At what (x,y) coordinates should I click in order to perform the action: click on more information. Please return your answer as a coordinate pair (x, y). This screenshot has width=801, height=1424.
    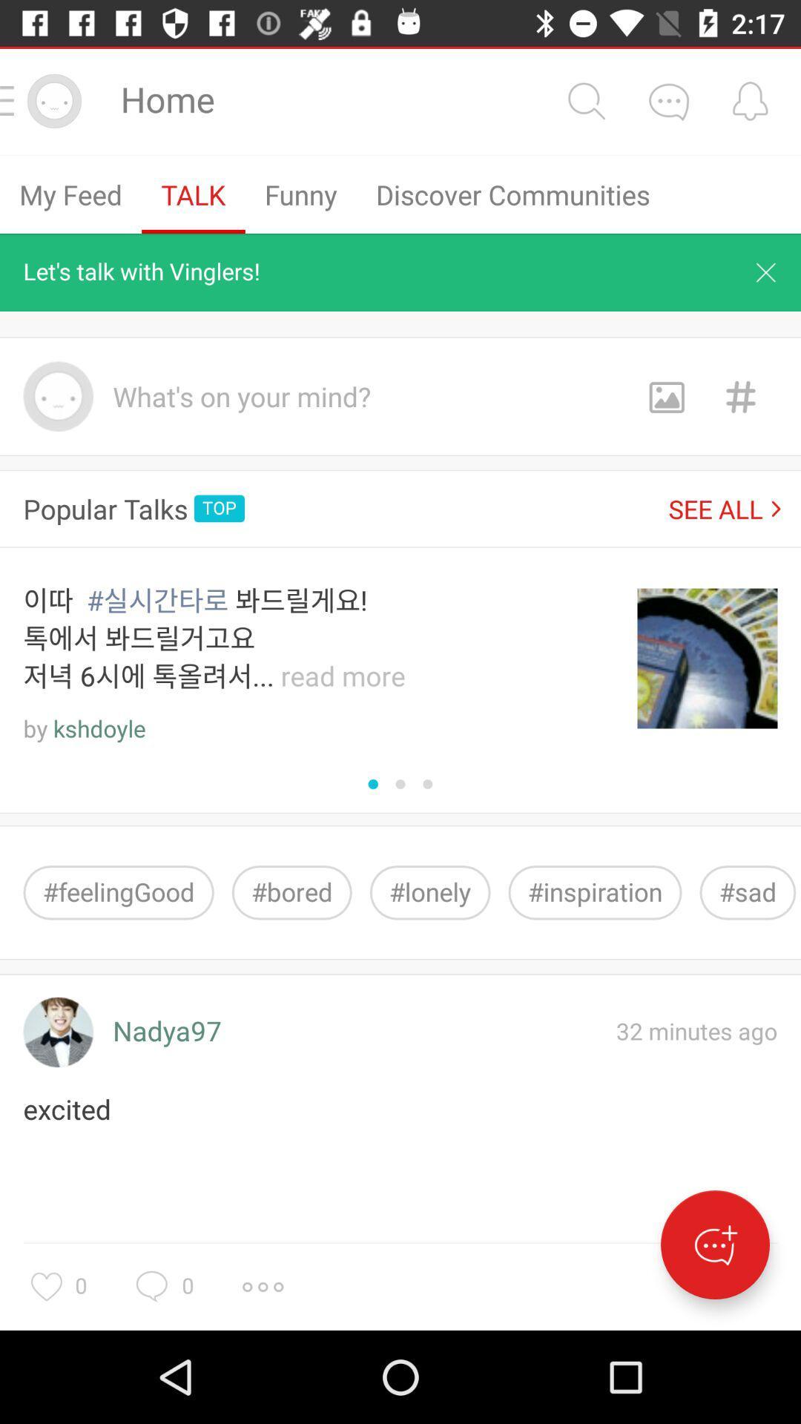
    Looking at the image, I should click on (262, 1286).